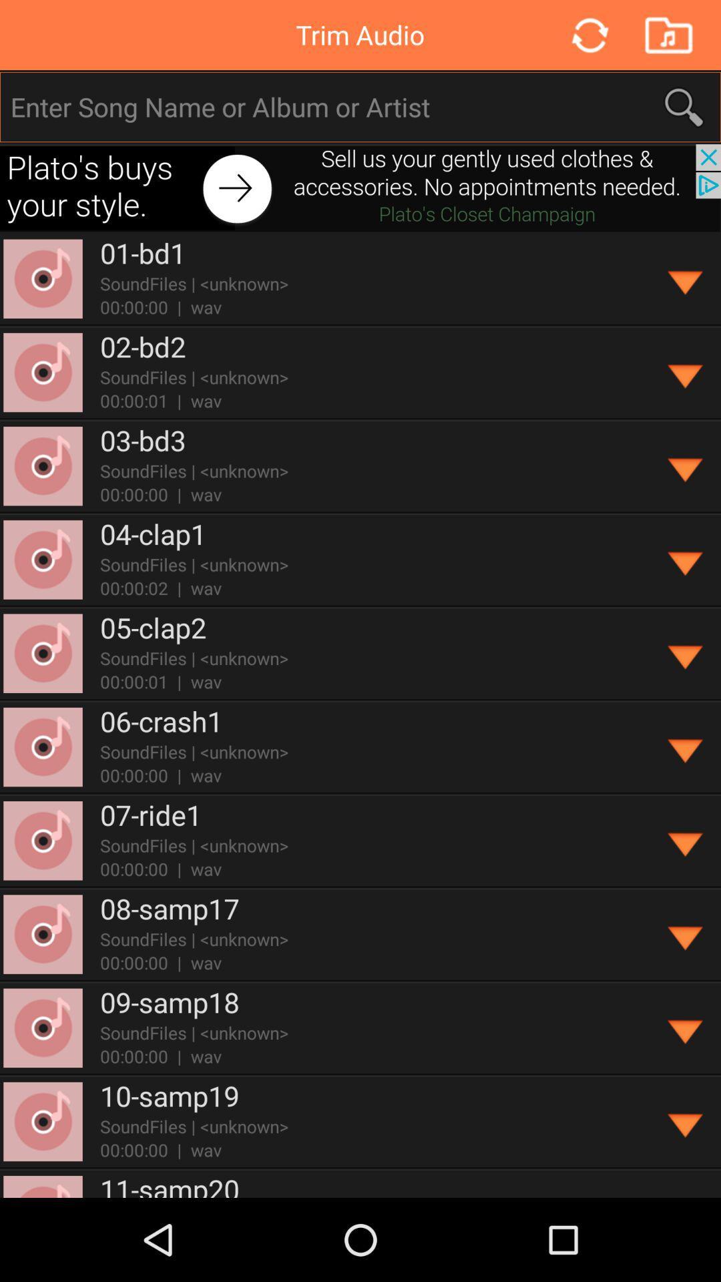  Describe the element at coordinates (686, 933) in the screenshot. I see `option details` at that location.